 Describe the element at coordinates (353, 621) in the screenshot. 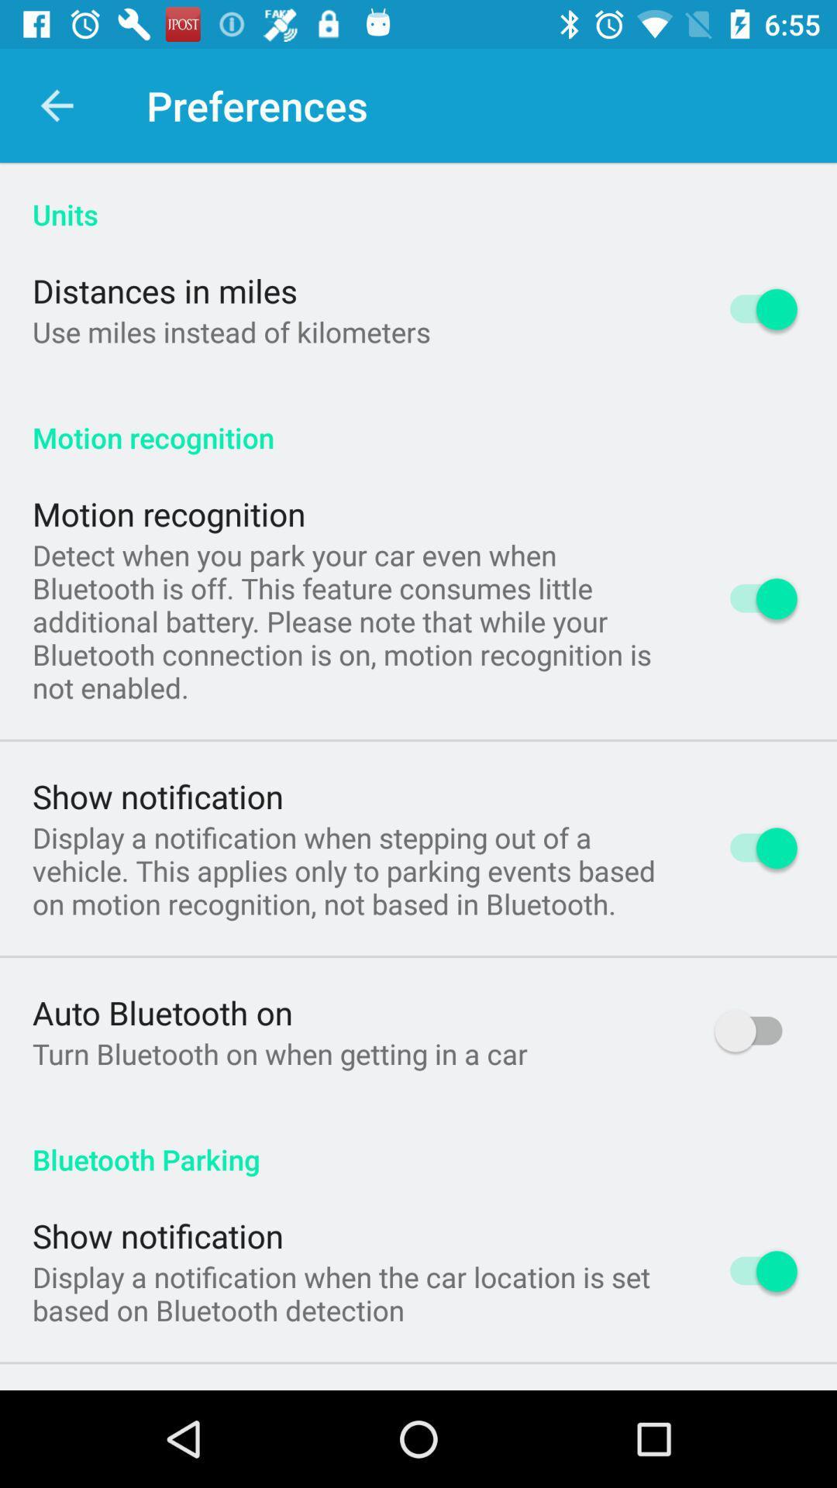

I see `detect when you app` at that location.